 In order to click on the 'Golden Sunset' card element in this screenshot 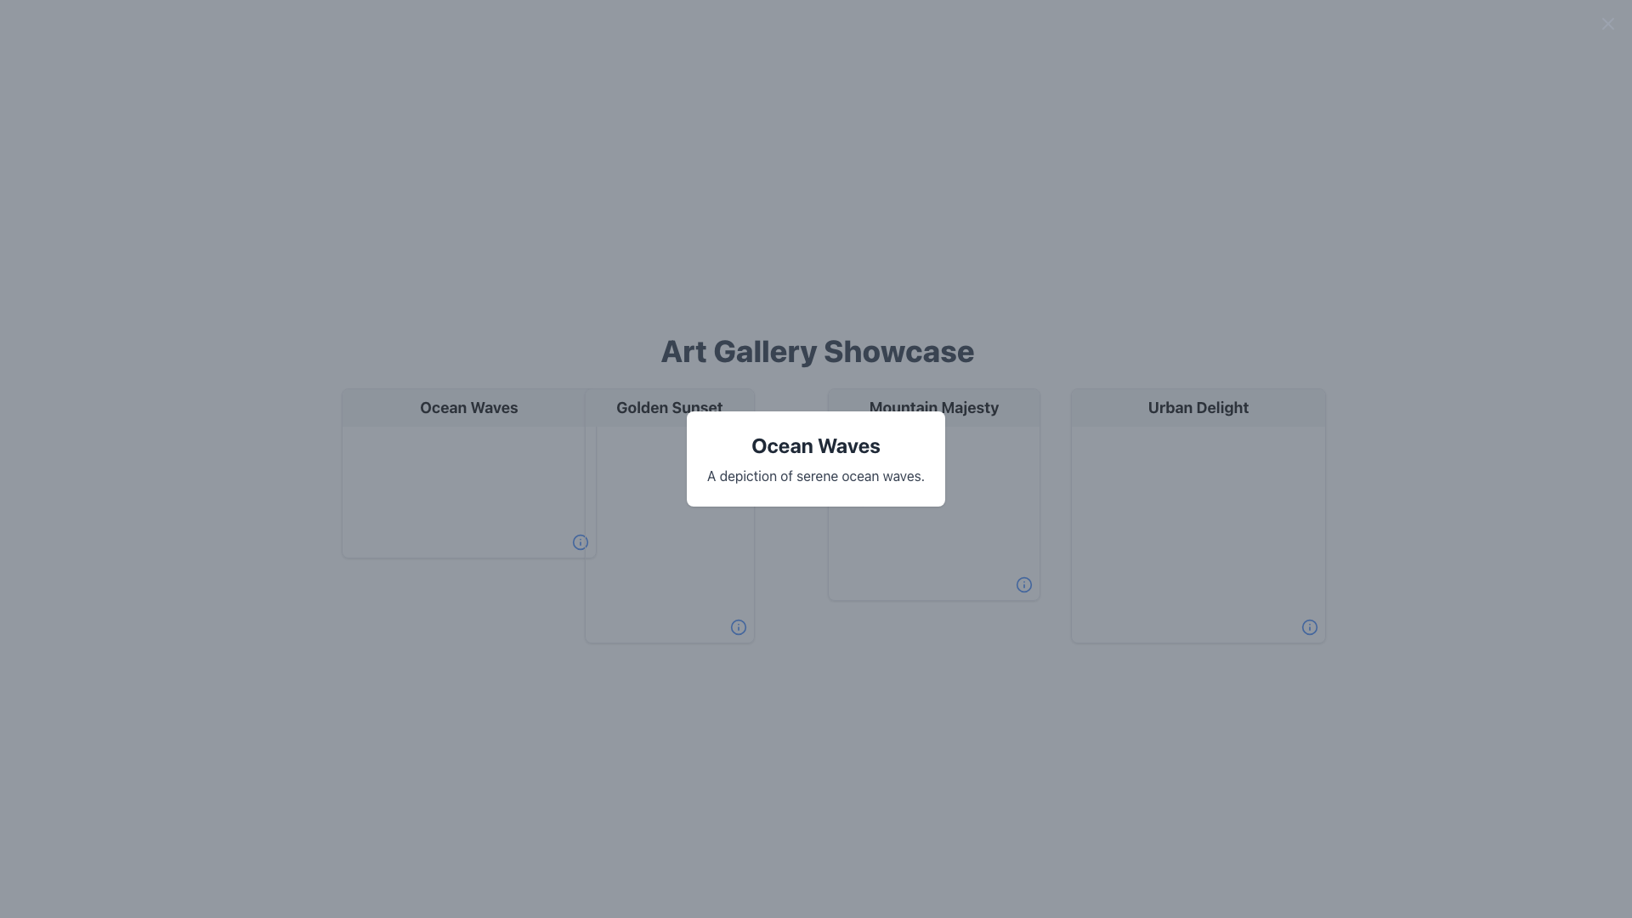, I will do `click(668, 514)`.